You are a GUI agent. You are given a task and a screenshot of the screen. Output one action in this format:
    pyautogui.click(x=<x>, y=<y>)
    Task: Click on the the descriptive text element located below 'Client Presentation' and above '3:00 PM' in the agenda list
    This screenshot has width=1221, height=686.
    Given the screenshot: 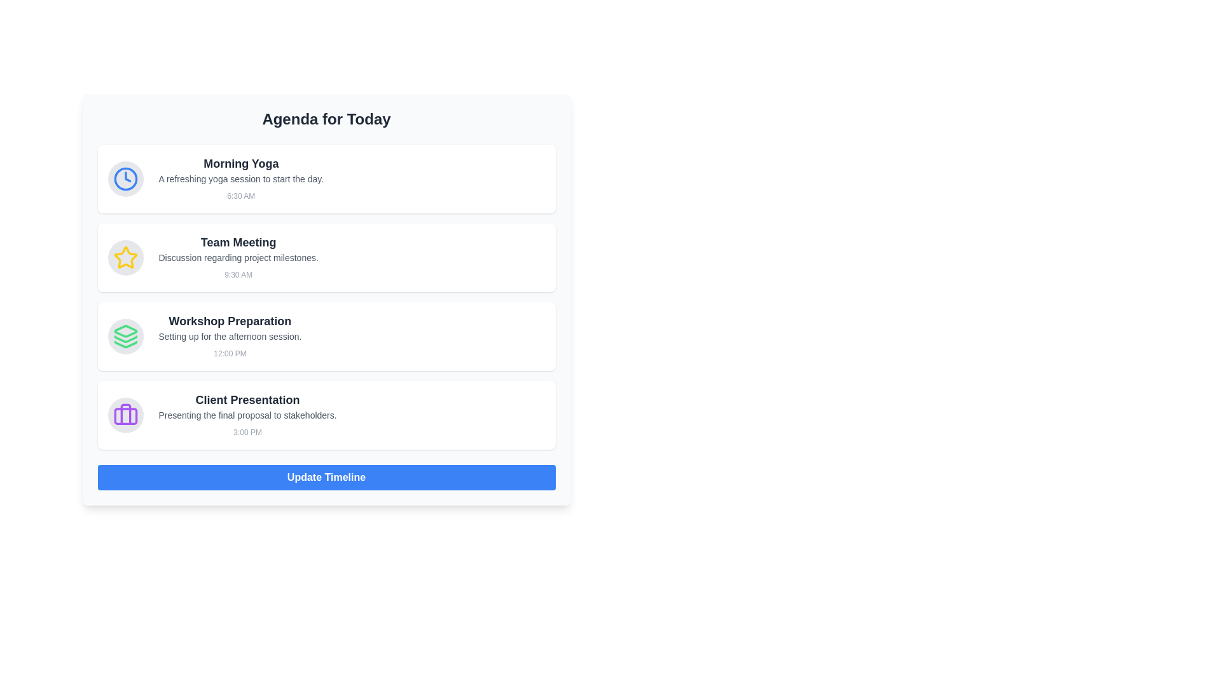 What is the action you would take?
    pyautogui.click(x=247, y=415)
    